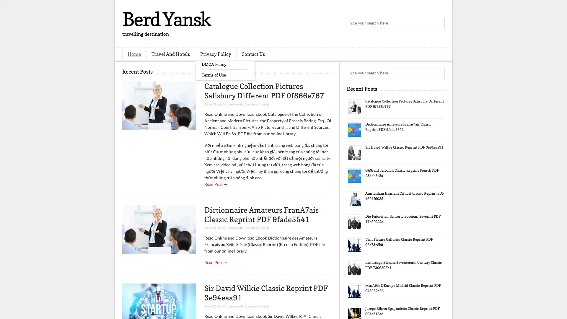 Image resolution: width=567 pixels, height=319 pixels. I want to click on Search, so click(439, 24).